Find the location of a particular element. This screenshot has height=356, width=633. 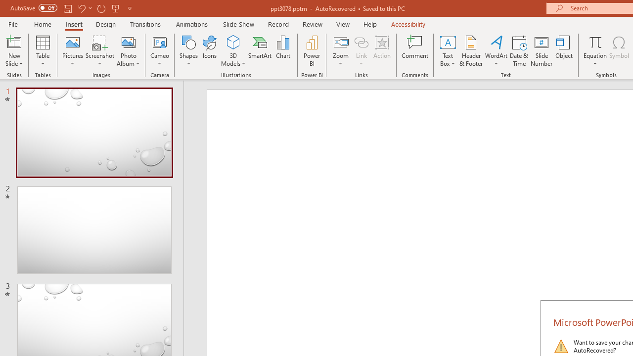

'Power BI' is located at coordinates (312, 51).